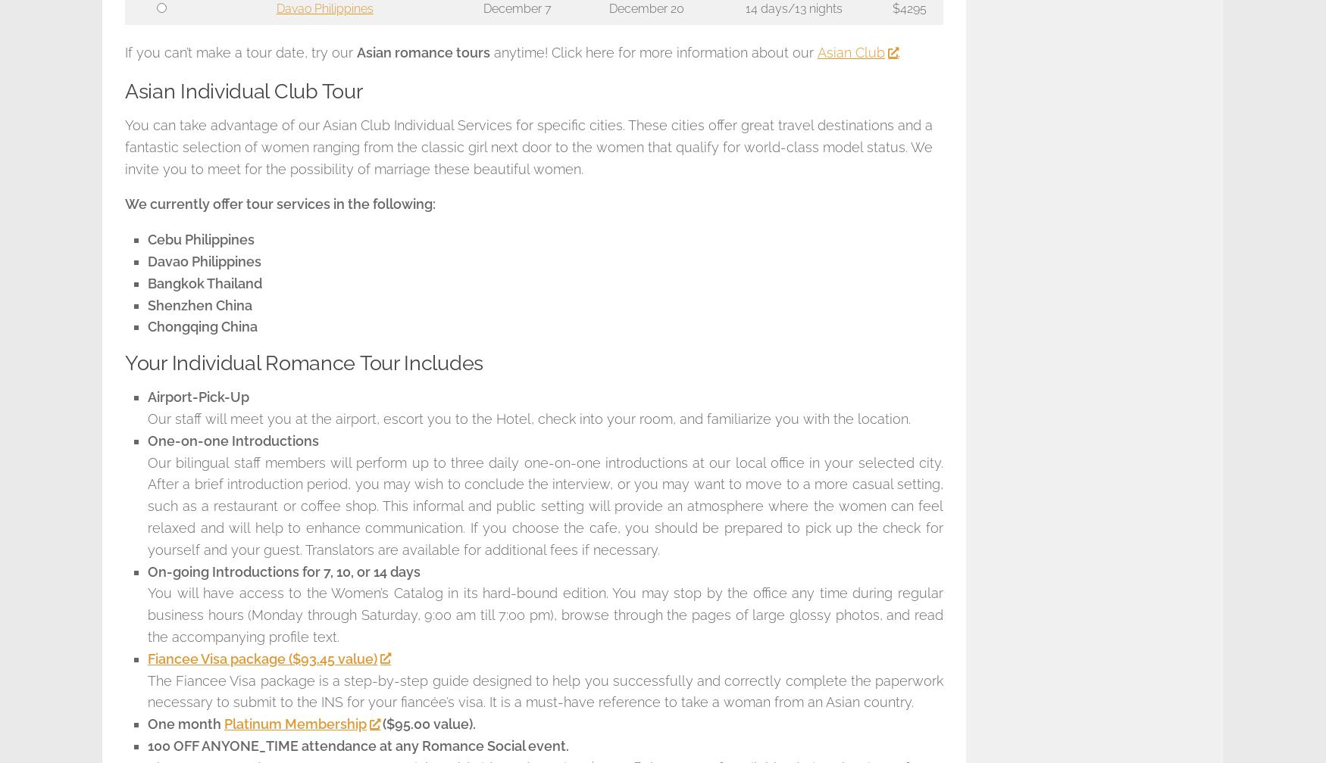 The image size is (1326, 763). What do you see at coordinates (124, 363) in the screenshot?
I see `'Your Individual Romance Tour Includes'` at bounding box center [124, 363].